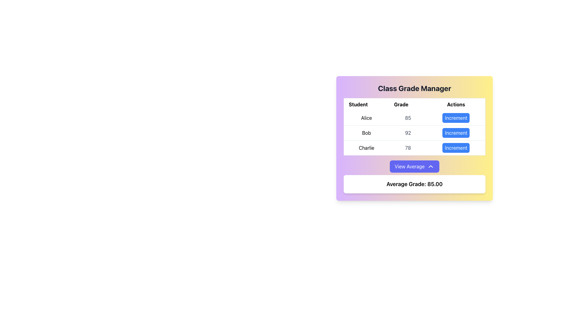 The height and width of the screenshot is (330, 587). What do you see at coordinates (414, 166) in the screenshot?
I see `the 'View Average' button, which has a blue background, white text, rounded corners, and an upward arrow icon` at bounding box center [414, 166].